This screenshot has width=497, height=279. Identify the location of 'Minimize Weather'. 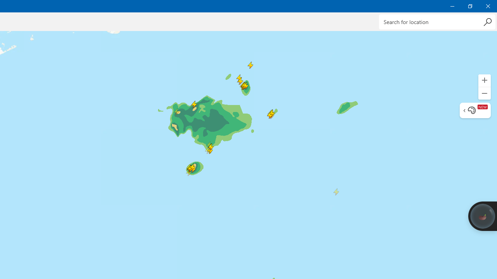
(452, 6).